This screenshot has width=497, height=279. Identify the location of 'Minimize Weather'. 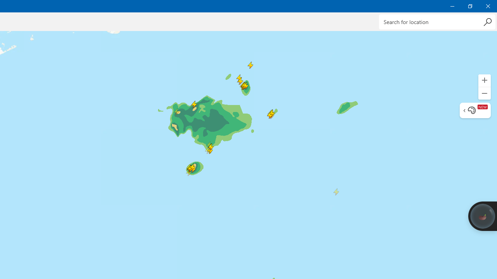
(452, 6).